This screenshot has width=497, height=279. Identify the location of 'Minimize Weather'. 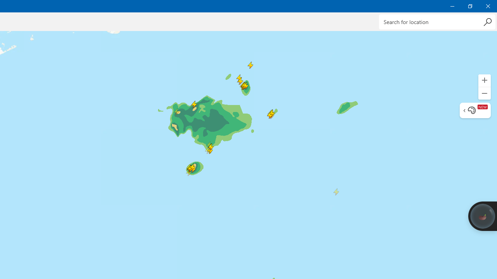
(452, 6).